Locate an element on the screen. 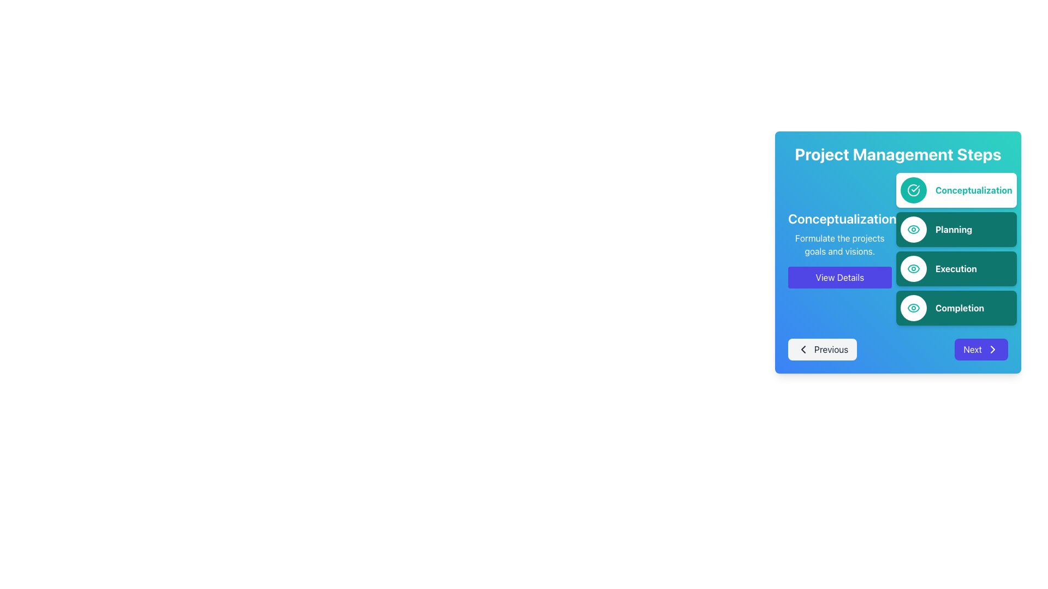 The image size is (1048, 589). the 'Conceptualization' button, which is the first element in the vertical sequence of project management phases, styled with a white background, teal text, and a checkmark icon is located at coordinates (956, 189).